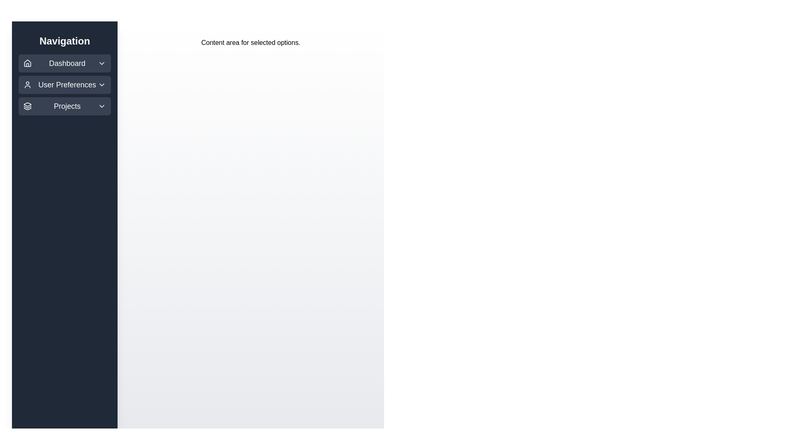 This screenshot has height=445, width=792. I want to click on the static text header reading 'Navigation' that is styled with white text on a dark background, located at the top of a sidebar panel, so click(64, 41).